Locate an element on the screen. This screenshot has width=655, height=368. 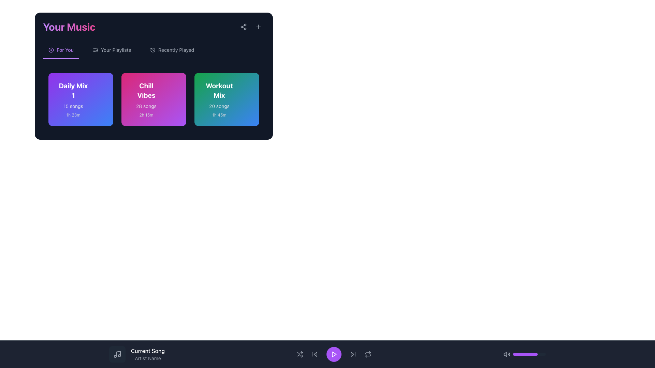
the play icon is located at coordinates (334, 354).